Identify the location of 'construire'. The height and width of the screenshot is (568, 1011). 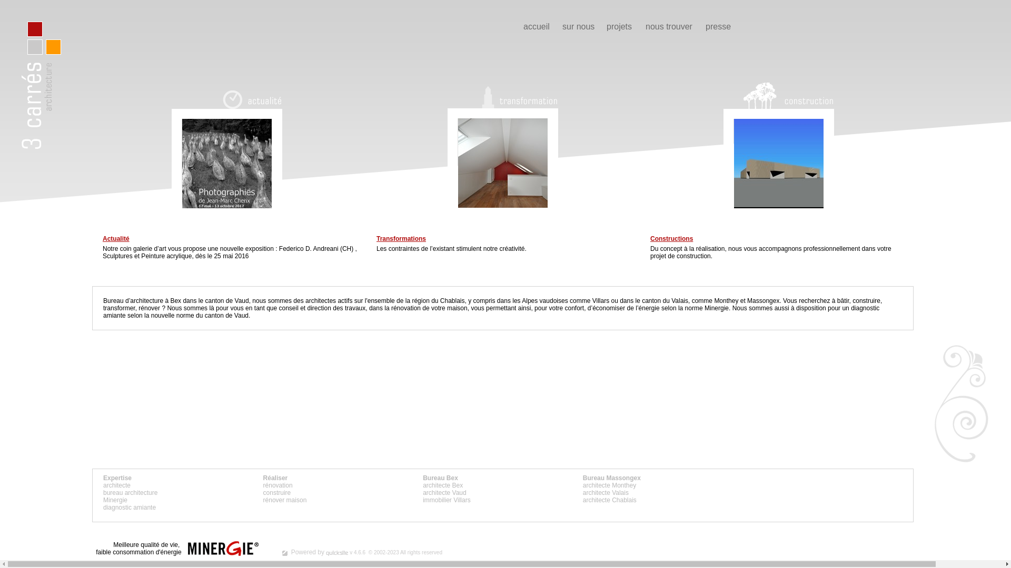
(263, 493).